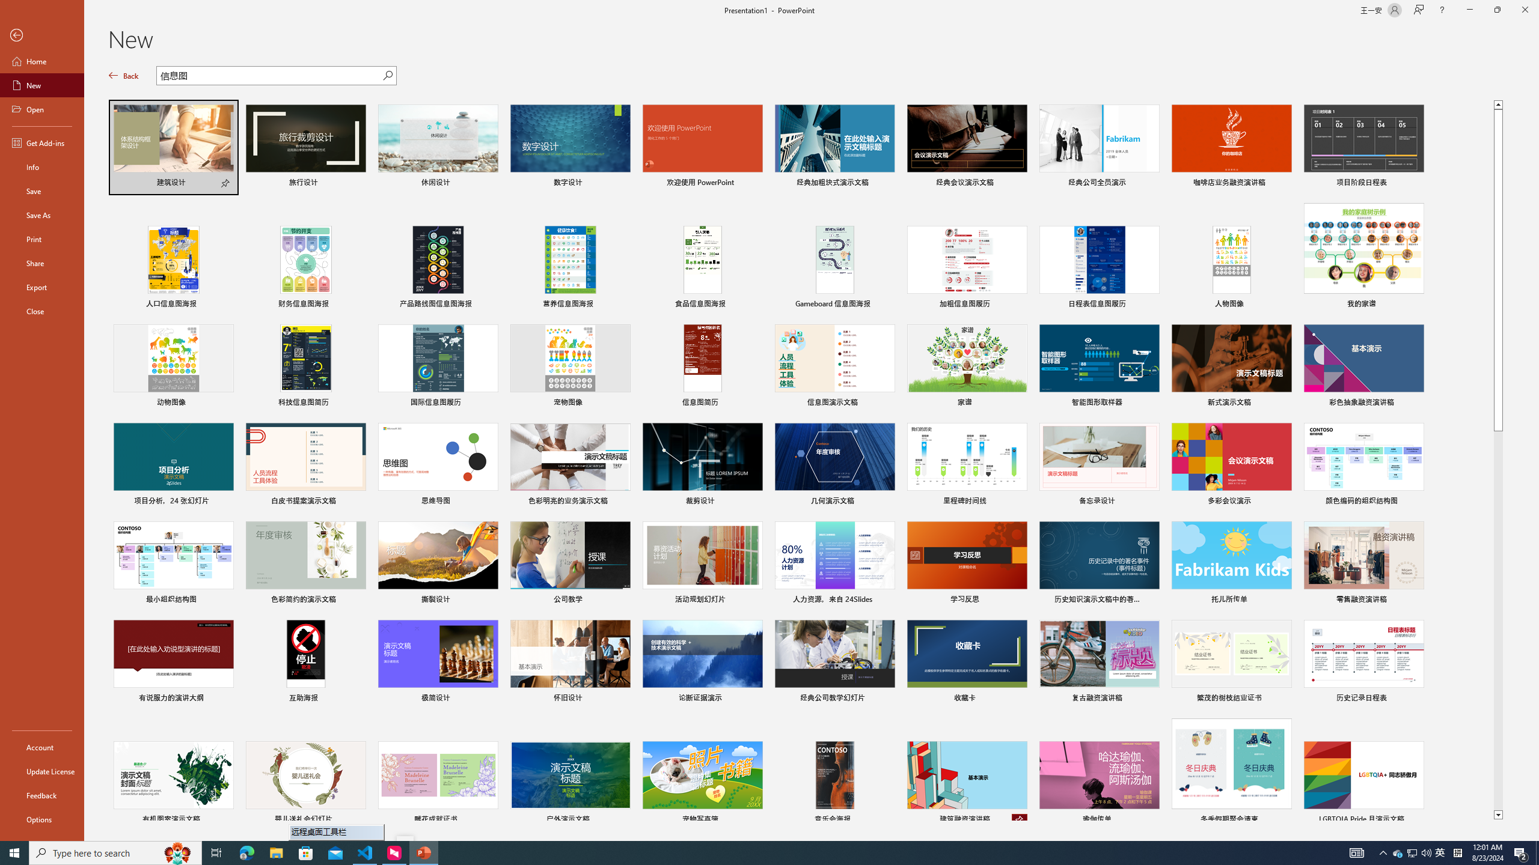 The image size is (1539, 865). What do you see at coordinates (41, 166) in the screenshot?
I see `'Info'` at bounding box center [41, 166].